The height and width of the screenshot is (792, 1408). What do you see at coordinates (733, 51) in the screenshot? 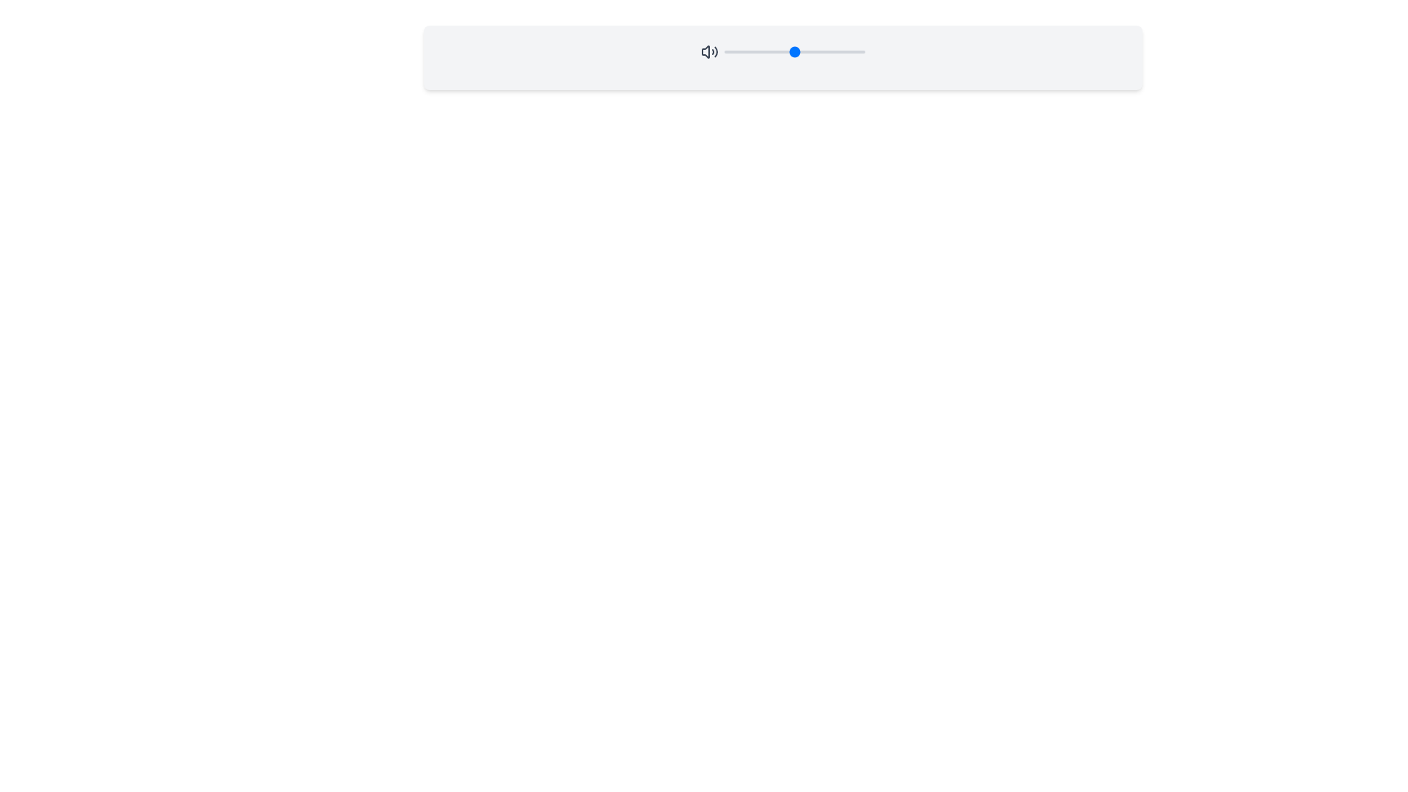
I see `volume level` at bounding box center [733, 51].